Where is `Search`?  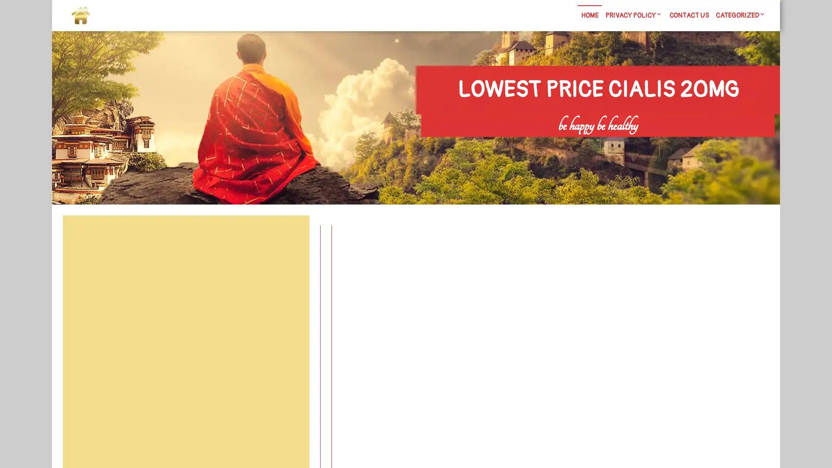
Search is located at coordinates (675, 142).